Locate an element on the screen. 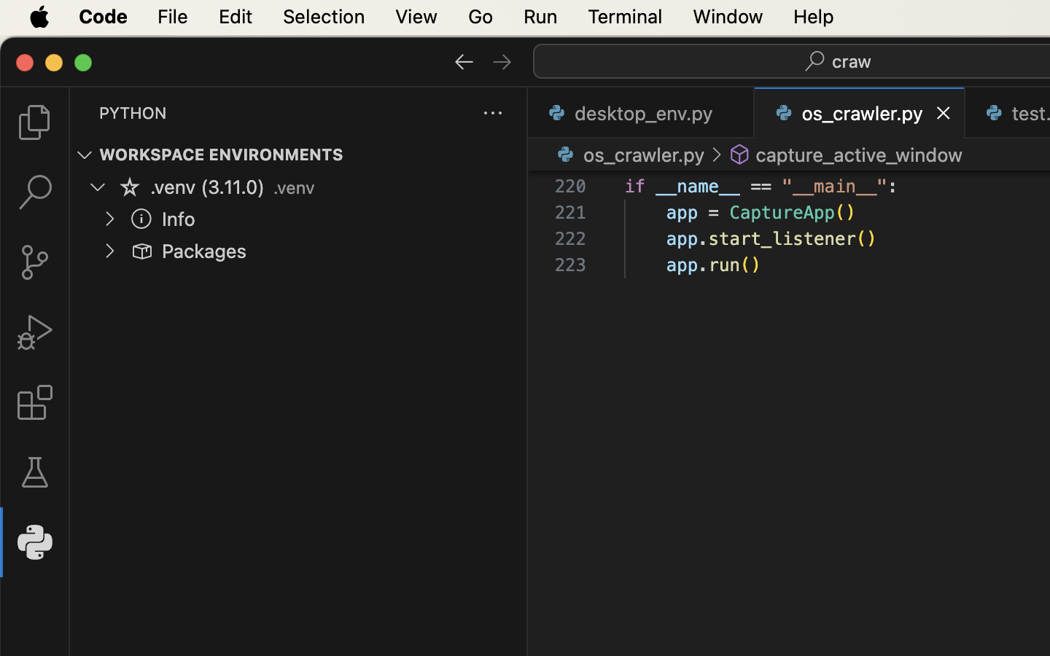  '' is located at coordinates (85, 155).